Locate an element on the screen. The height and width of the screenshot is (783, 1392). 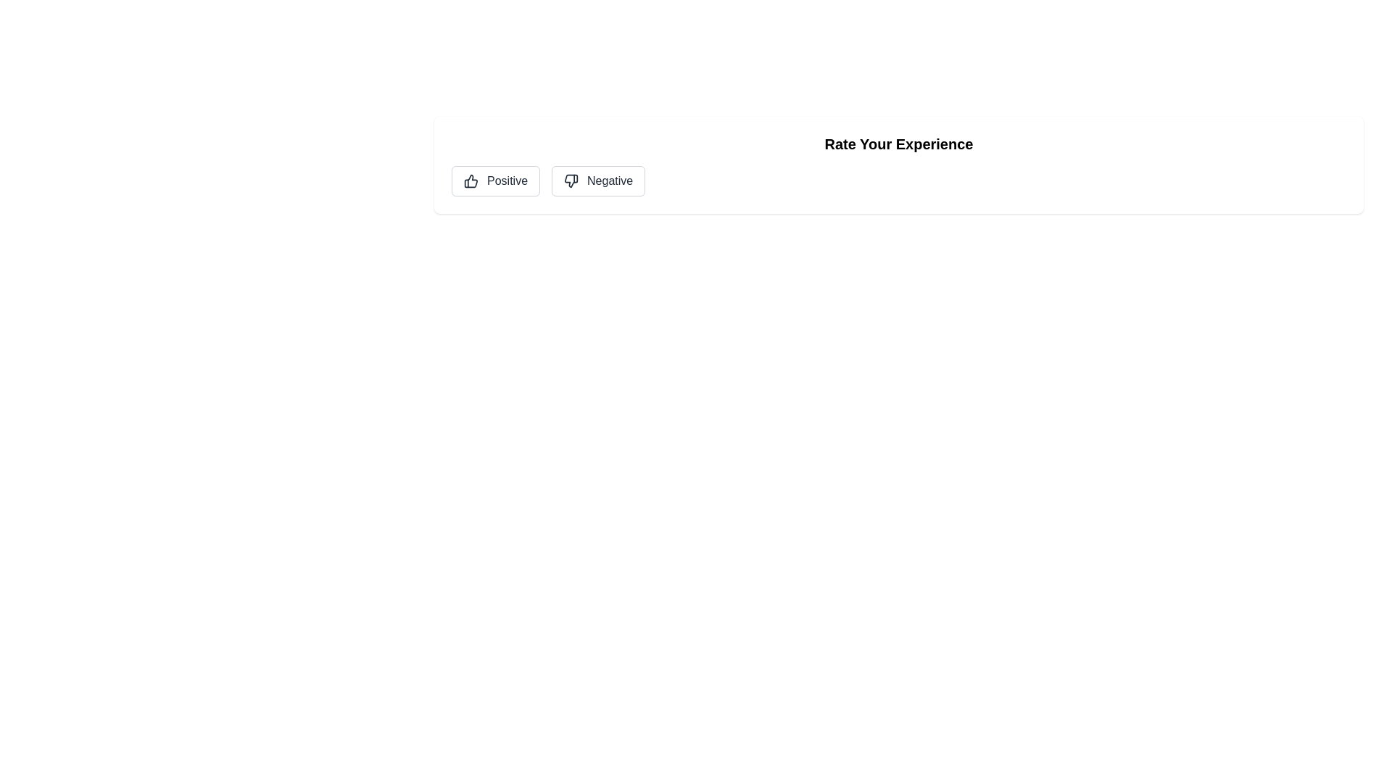
the Negative button to observe the hover effect is located at coordinates (598, 181).